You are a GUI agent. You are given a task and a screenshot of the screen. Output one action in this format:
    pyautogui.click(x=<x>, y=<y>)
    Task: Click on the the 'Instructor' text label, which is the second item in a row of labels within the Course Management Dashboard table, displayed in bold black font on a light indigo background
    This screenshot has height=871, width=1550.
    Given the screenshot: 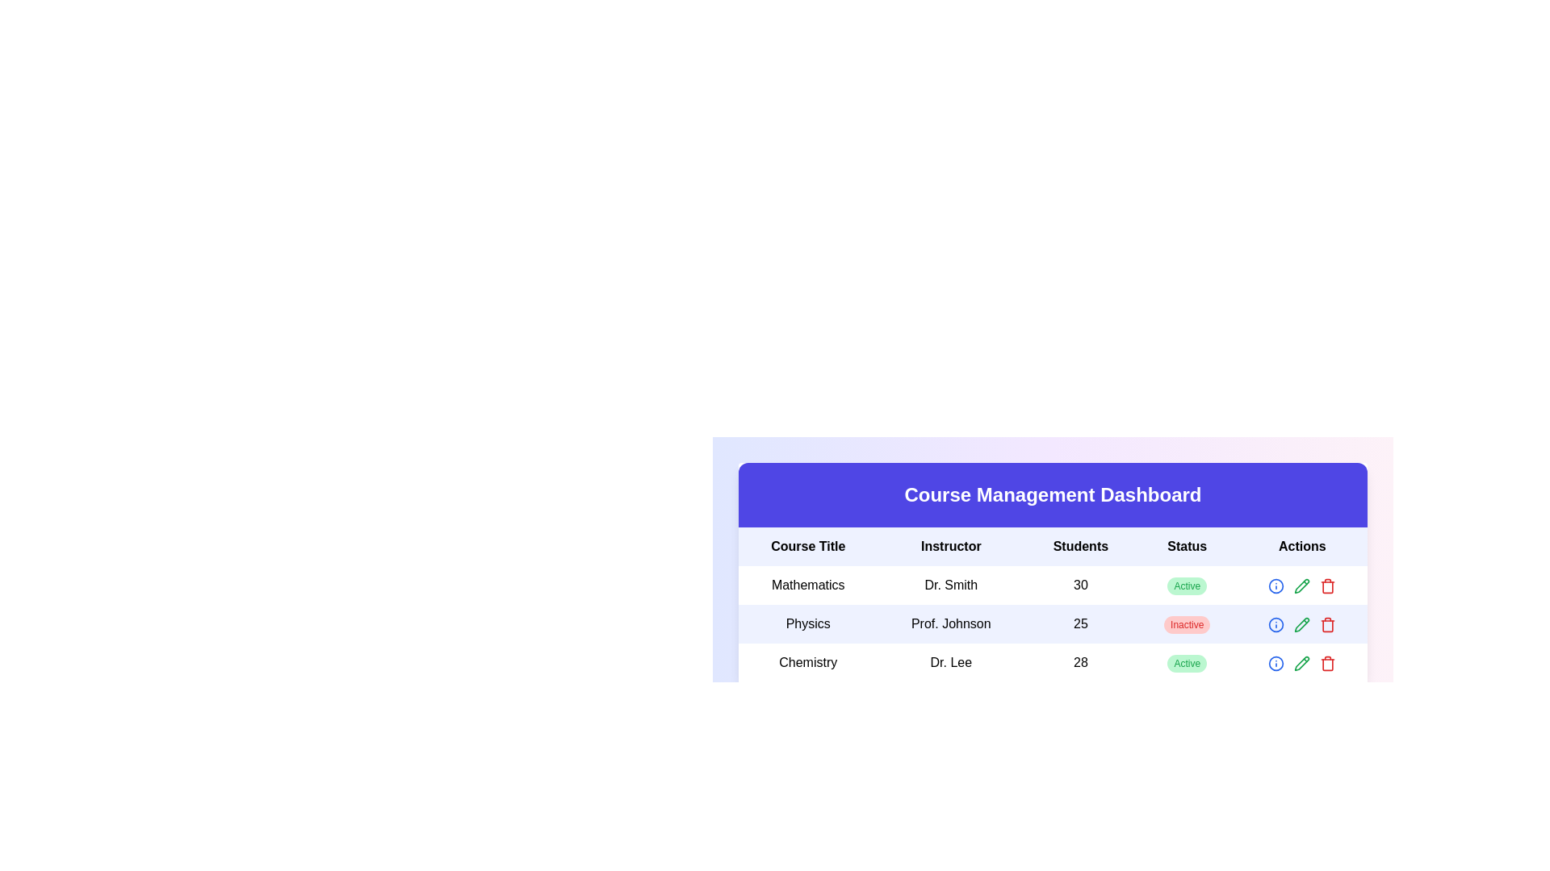 What is the action you would take?
    pyautogui.click(x=951, y=546)
    